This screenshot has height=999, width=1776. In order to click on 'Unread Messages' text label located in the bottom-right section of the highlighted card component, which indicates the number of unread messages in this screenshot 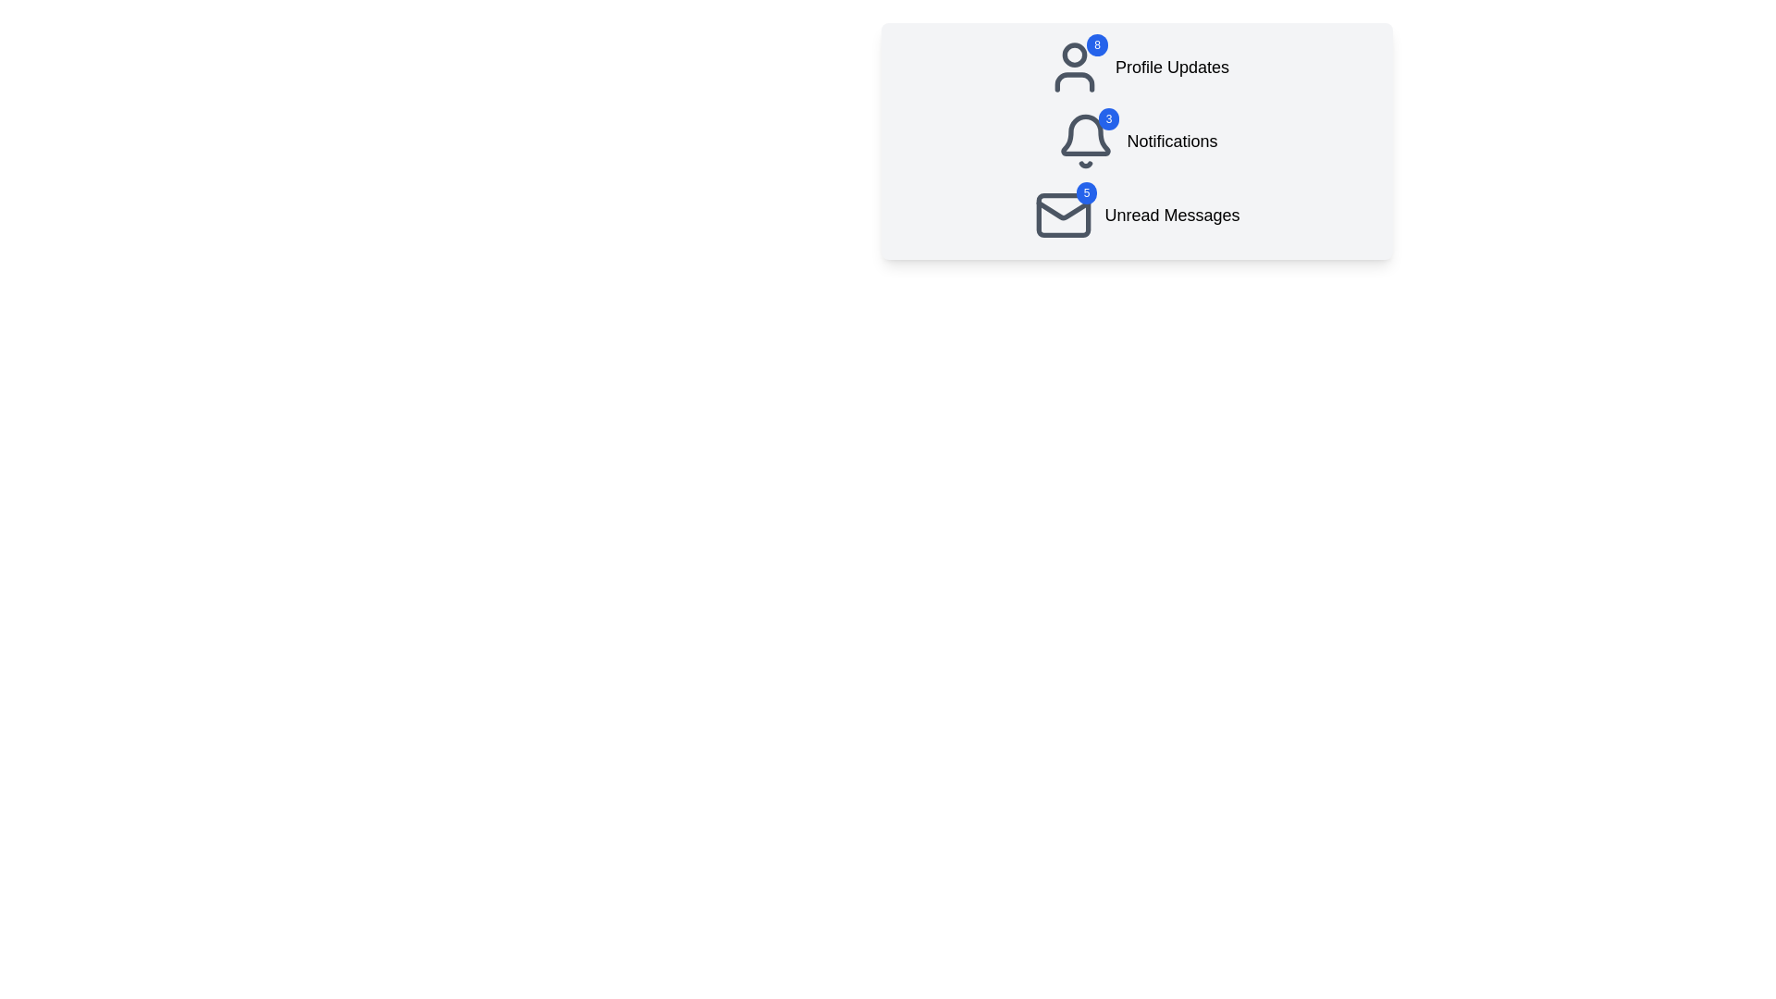, I will do `click(1171, 214)`.